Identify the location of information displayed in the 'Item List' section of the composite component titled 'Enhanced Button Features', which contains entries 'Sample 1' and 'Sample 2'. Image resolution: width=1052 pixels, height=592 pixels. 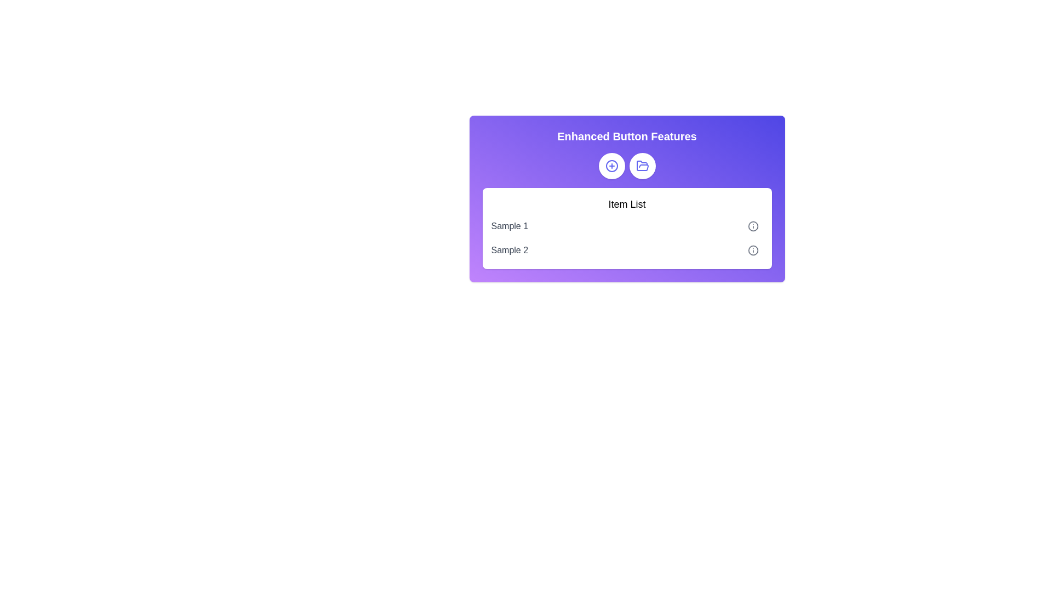
(627, 198).